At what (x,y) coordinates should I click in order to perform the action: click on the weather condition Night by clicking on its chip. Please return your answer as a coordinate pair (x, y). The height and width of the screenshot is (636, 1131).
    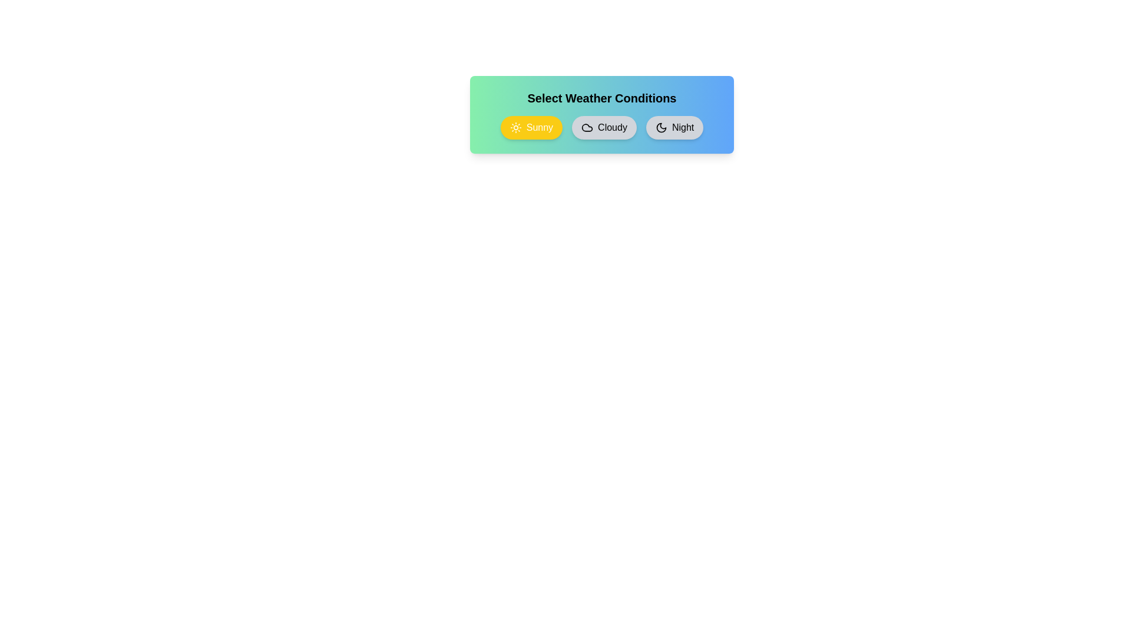
    Looking at the image, I should click on (674, 127).